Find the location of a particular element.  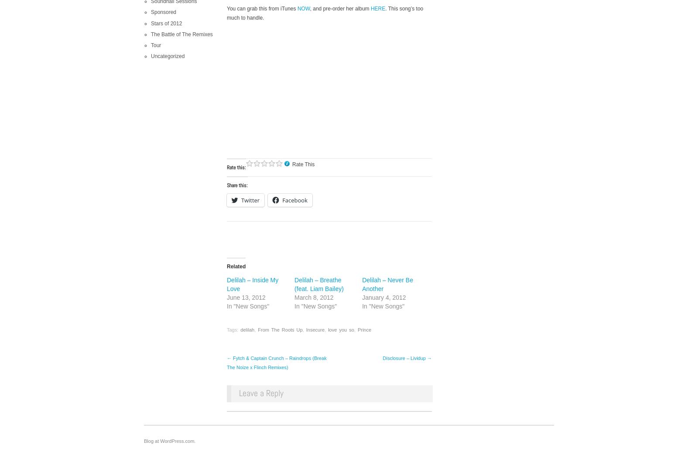

'. This song’s too much to handle.' is located at coordinates (325, 13).